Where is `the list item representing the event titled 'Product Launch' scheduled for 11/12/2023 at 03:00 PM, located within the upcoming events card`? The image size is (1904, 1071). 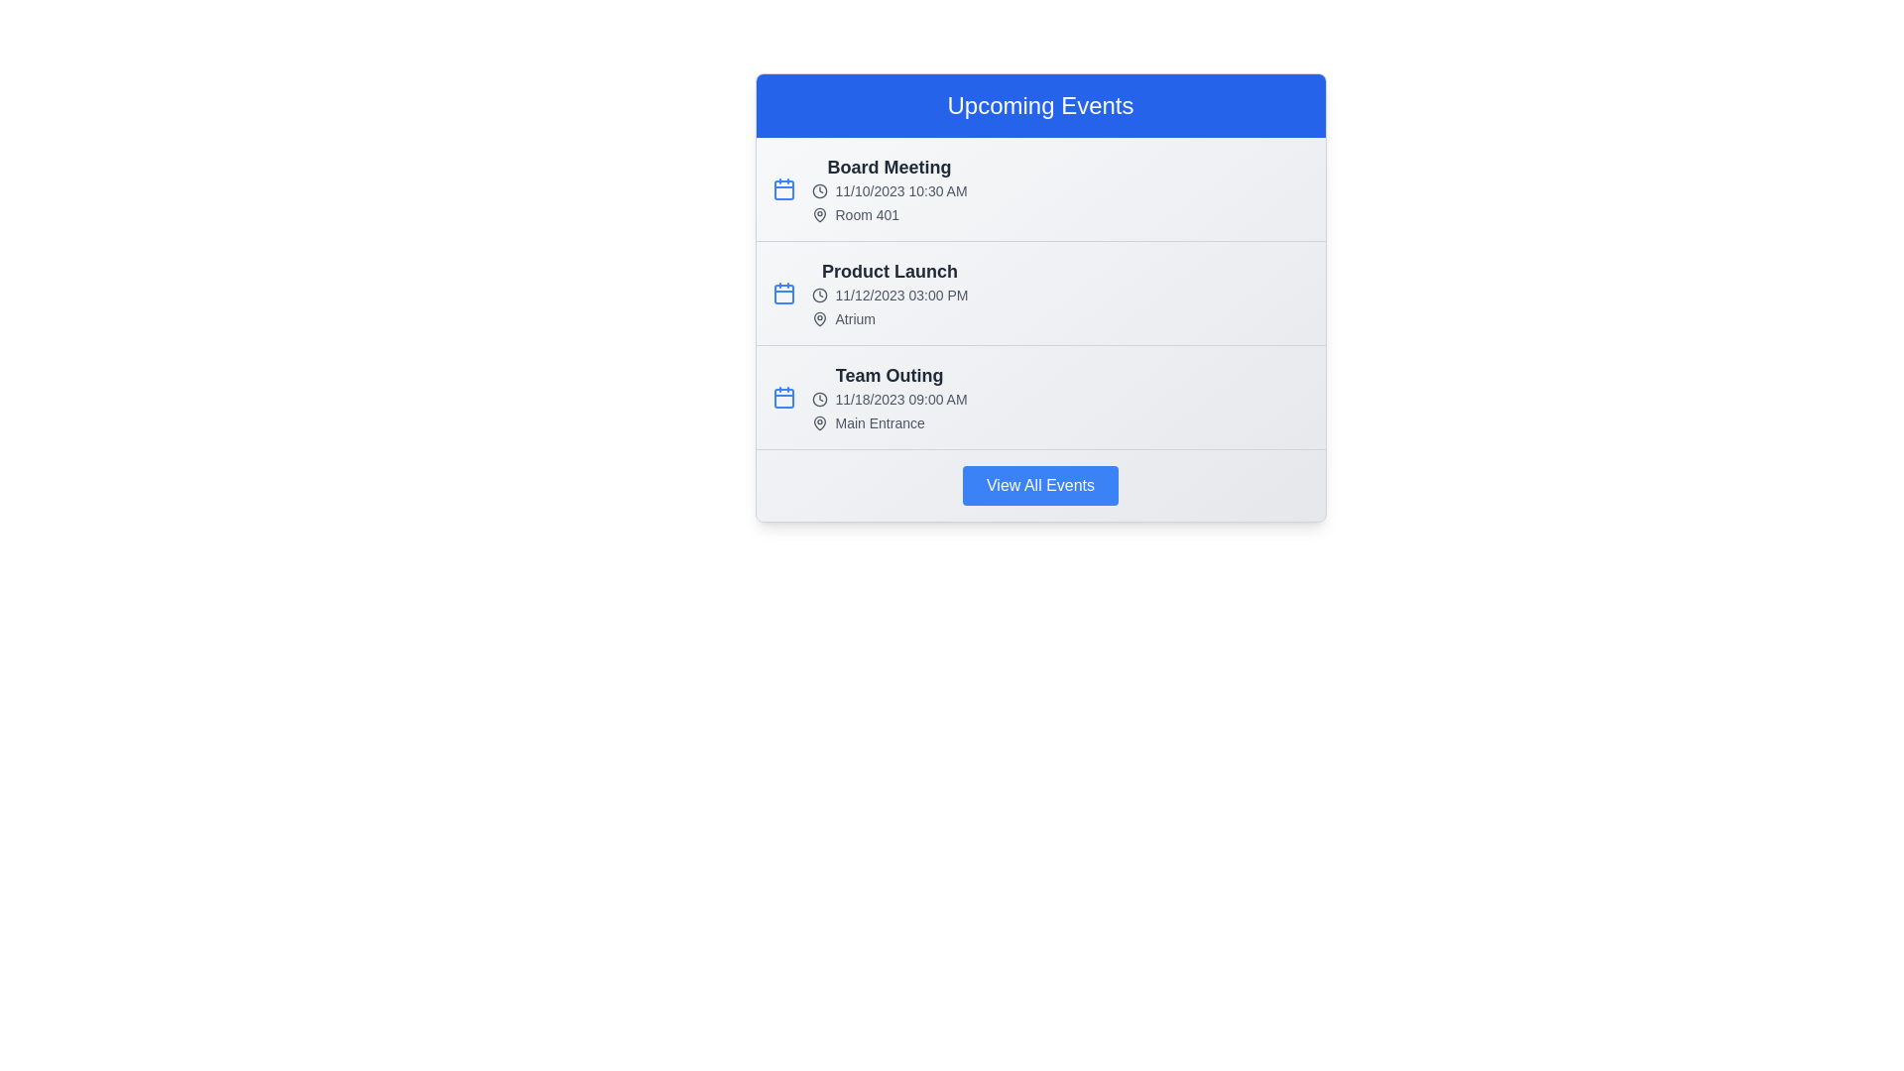 the list item representing the event titled 'Product Launch' scheduled for 11/12/2023 at 03:00 PM, located within the upcoming events card is located at coordinates (1039, 297).